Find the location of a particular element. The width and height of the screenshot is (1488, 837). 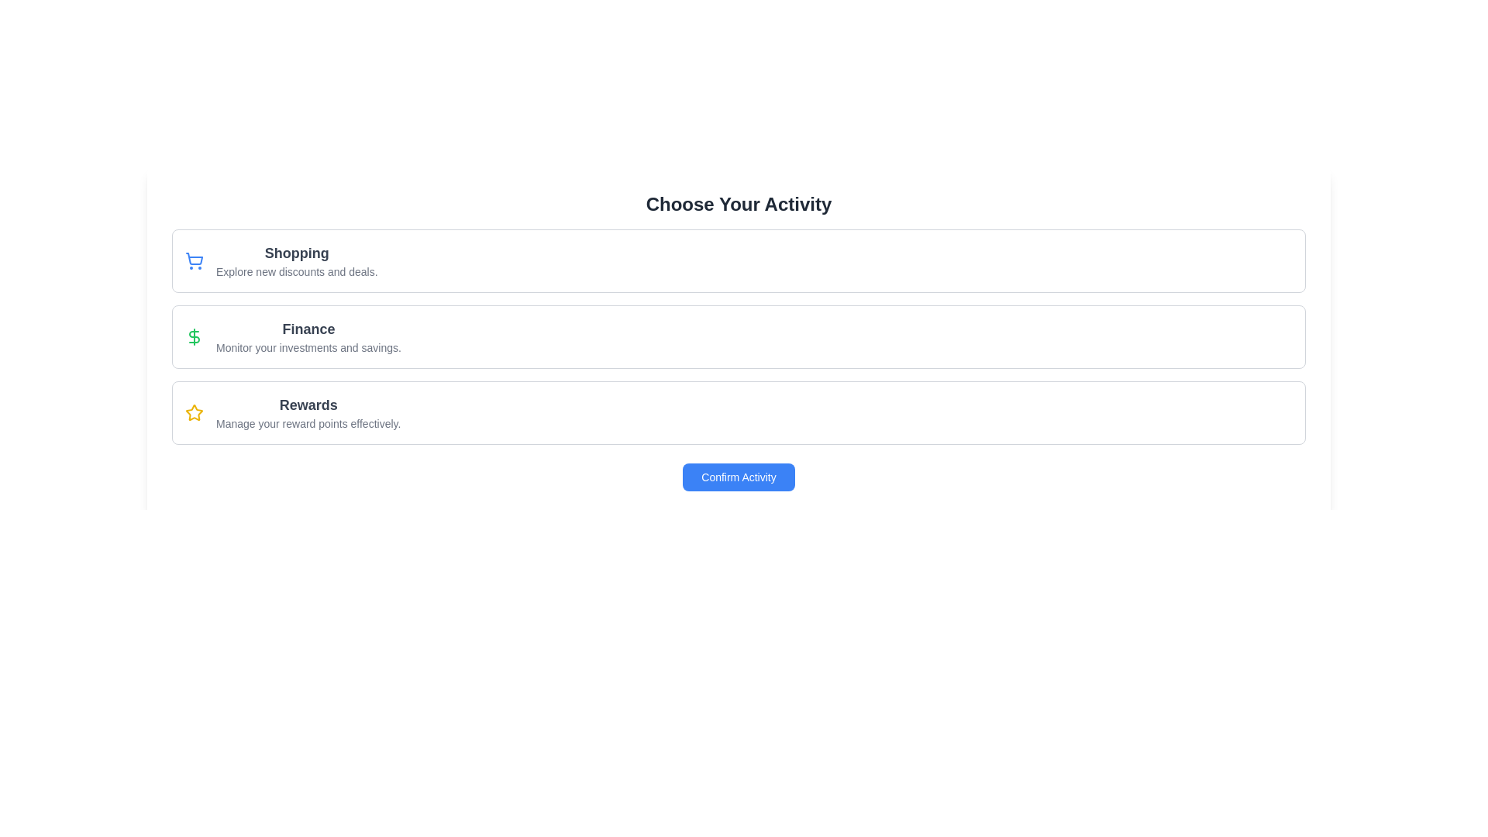

the distinctive 'Rewards' icon located to the left of the 'Rewards' title, which visually represents the 'Rewards' activity is located at coordinates (193, 412).